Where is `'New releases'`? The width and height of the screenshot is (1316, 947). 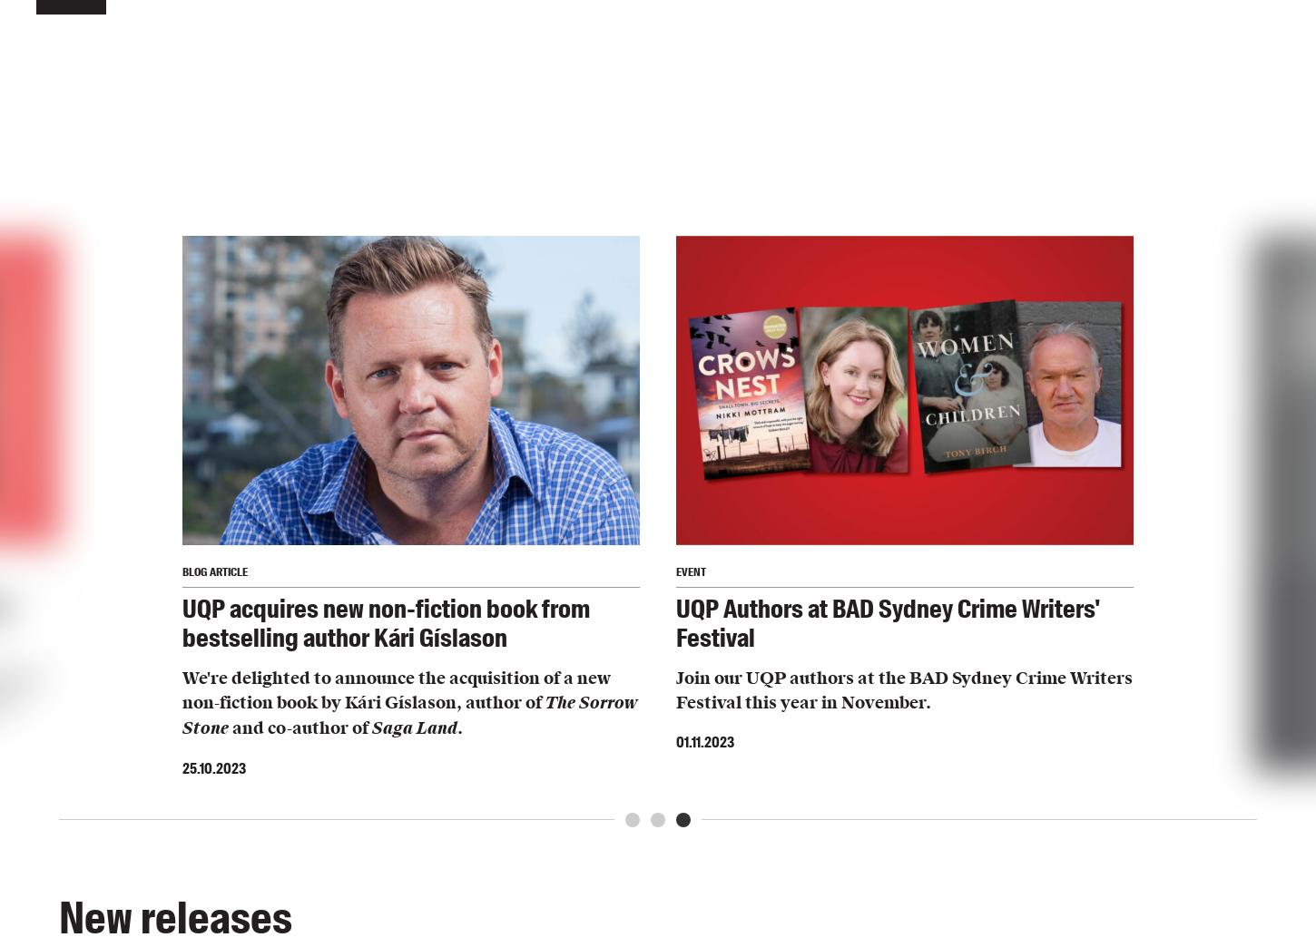 'New releases' is located at coordinates (58, 918).